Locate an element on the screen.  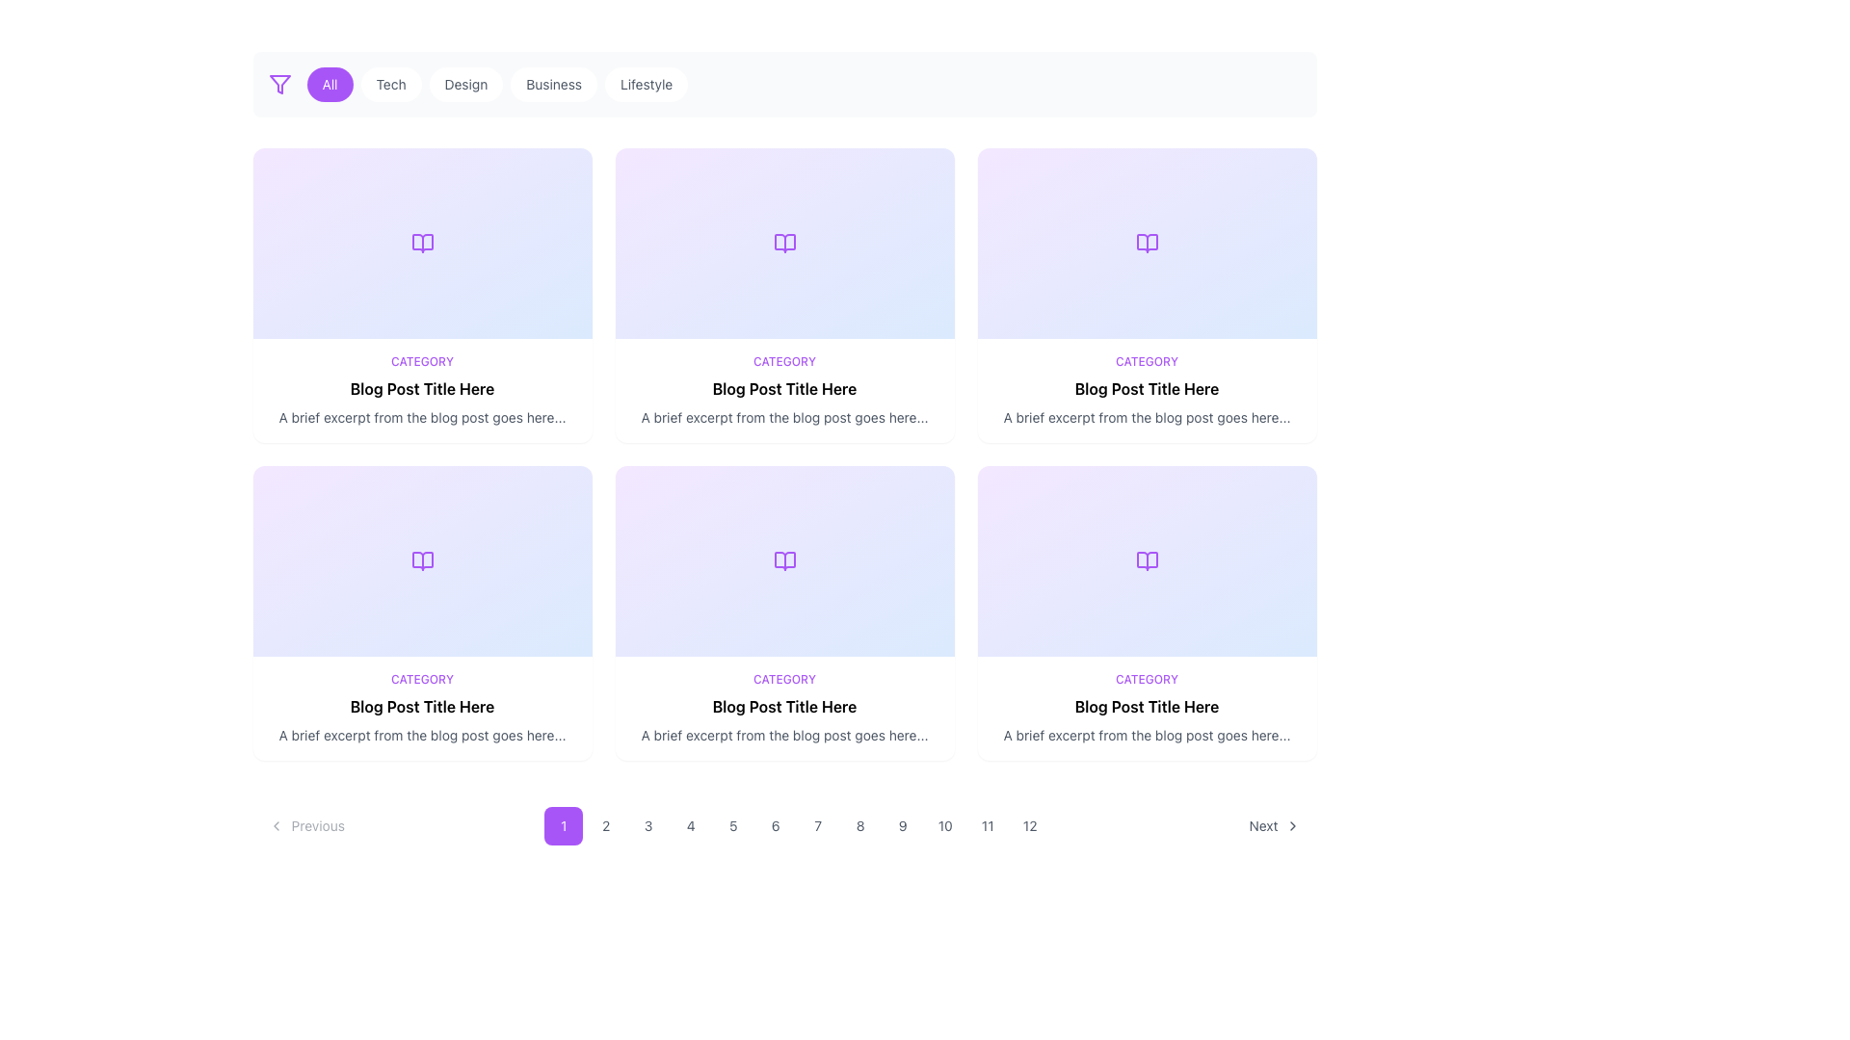
the image placeholder located in the bottom-right cell of a 2-row by 4-column grid, specifically the 4th element of the second row, which represents a visual representation for a blog post is located at coordinates (1147, 560).